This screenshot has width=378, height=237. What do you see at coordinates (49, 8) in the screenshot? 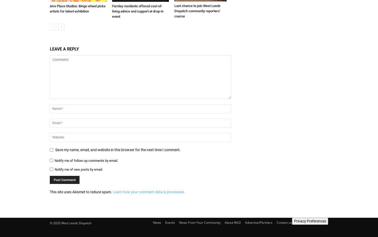
I see `'Aire Place Studios: Bingo wheel picks artists for latest exhibition'` at bounding box center [49, 8].